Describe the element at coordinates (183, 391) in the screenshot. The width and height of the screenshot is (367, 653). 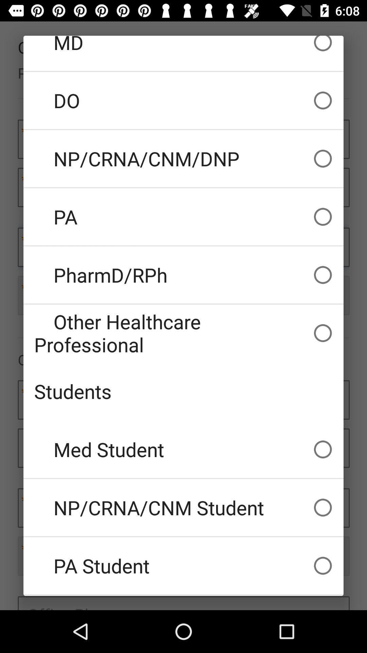
I see `item above     med student` at that location.